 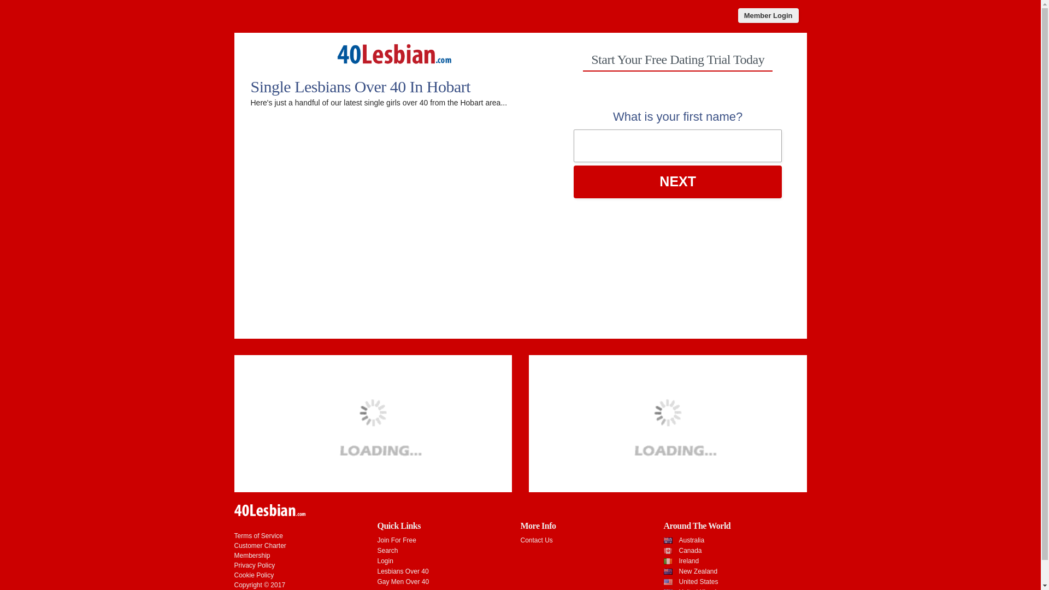 I want to click on 'NEXT', so click(x=677, y=181).